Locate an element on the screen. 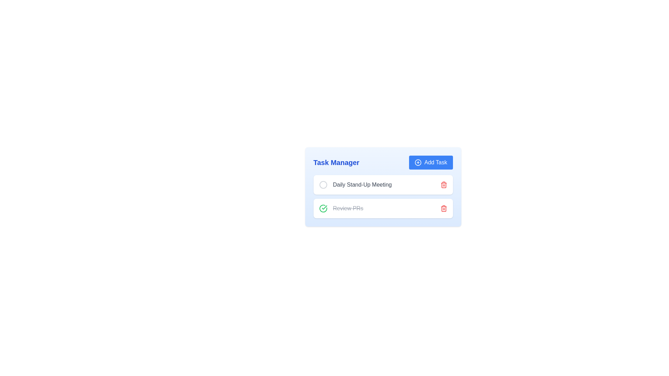 This screenshot has width=669, height=376. the first task list item in the task management interface is located at coordinates (355, 185).